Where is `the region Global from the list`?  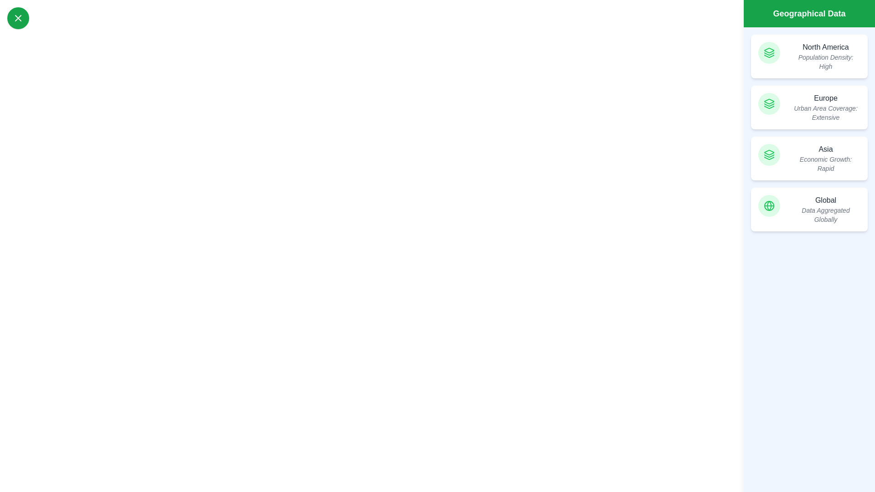
the region Global from the list is located at coordinates (809, 209).